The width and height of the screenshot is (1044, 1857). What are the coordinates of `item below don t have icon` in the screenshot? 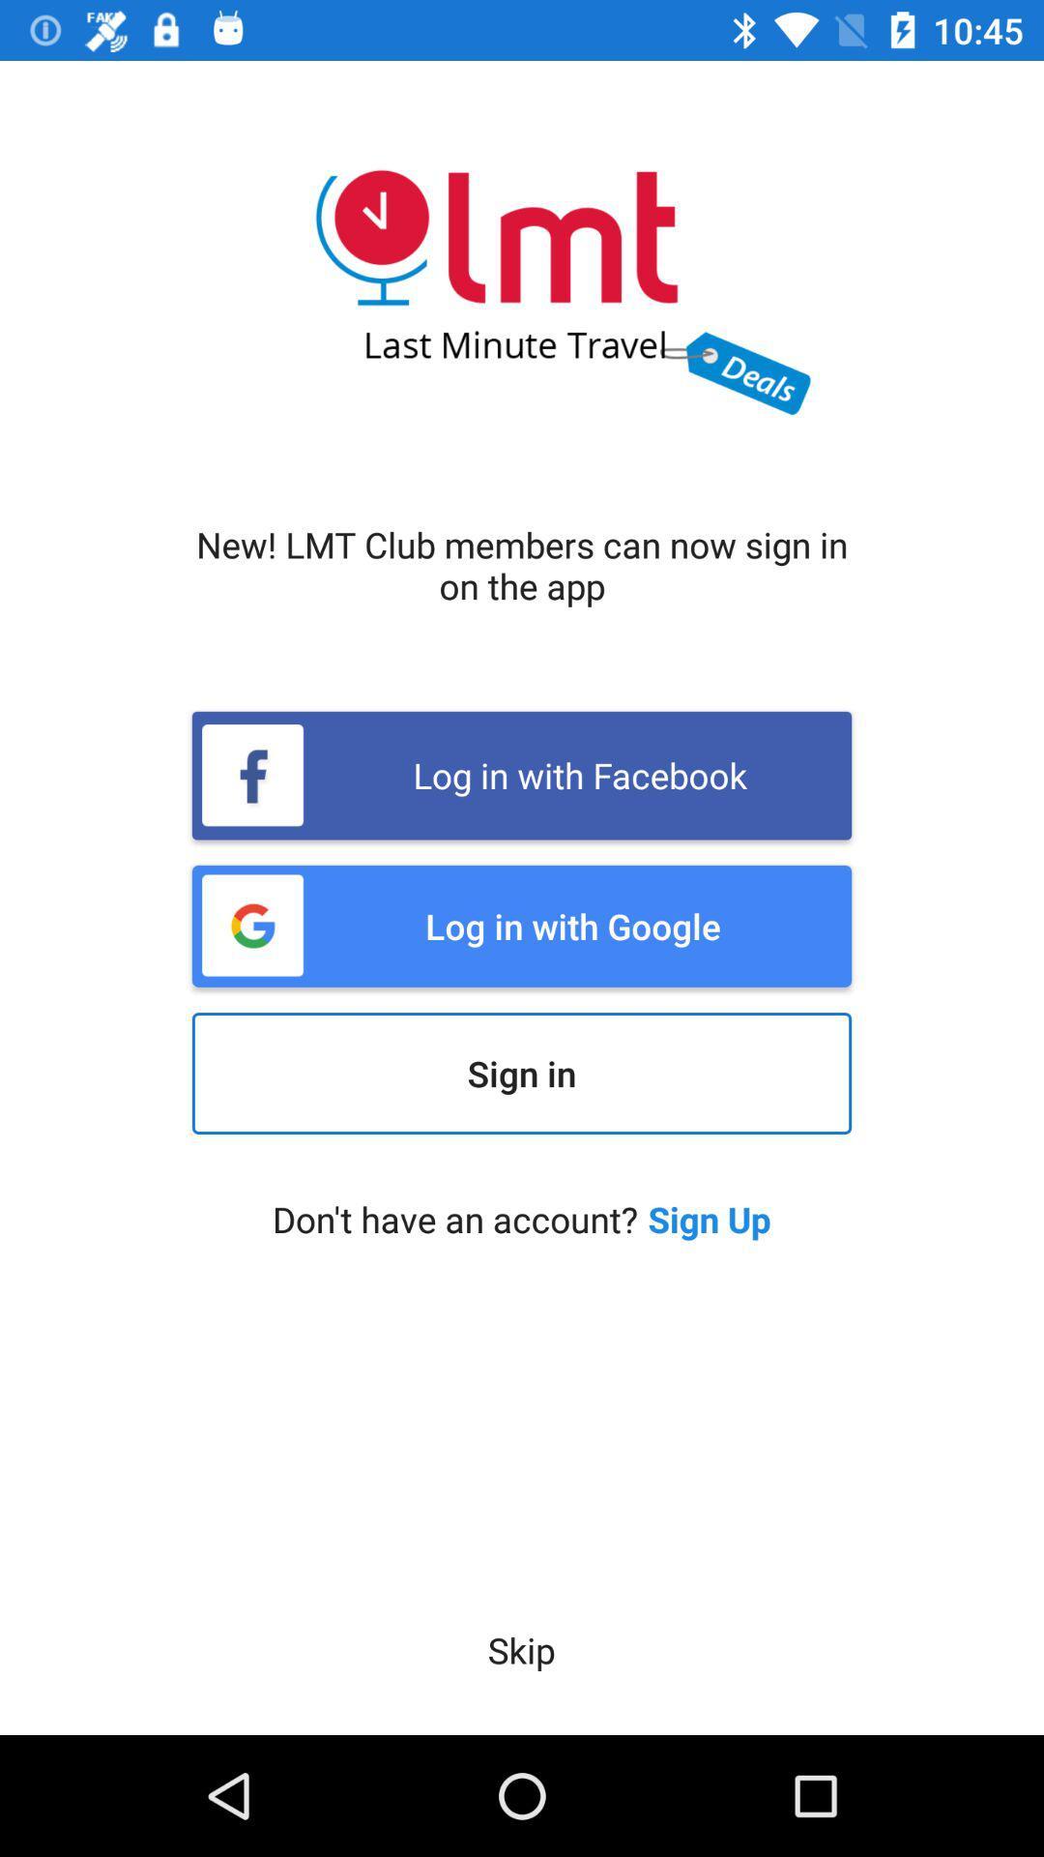 It's located at (520, 1649).